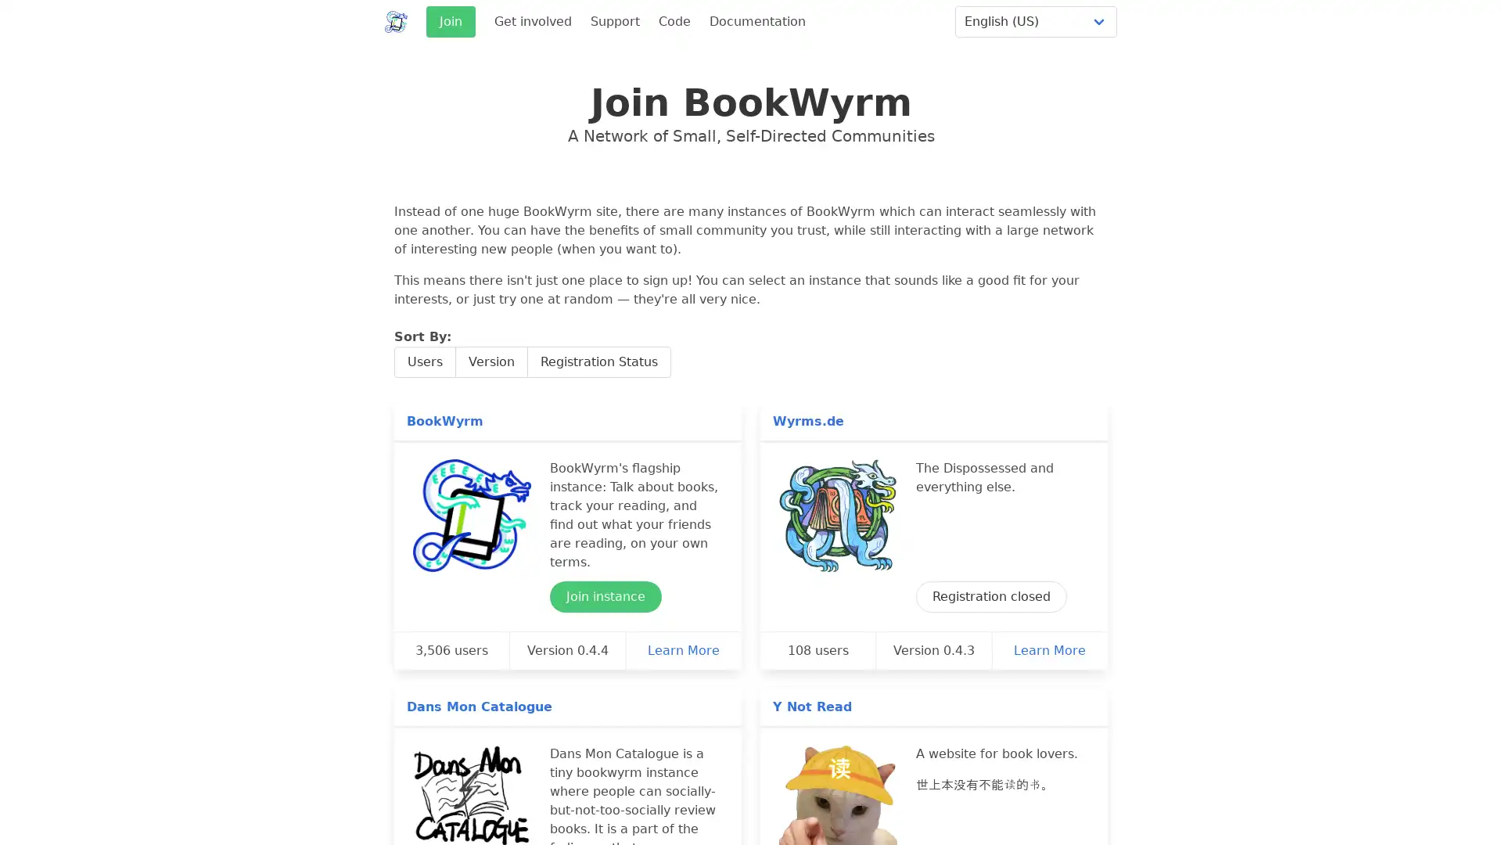 This screenshot has width=1502, height=845. What do you see at coordinates (425, 361) in the screenshot?
I see `Users` at bounding box center [425, 361].